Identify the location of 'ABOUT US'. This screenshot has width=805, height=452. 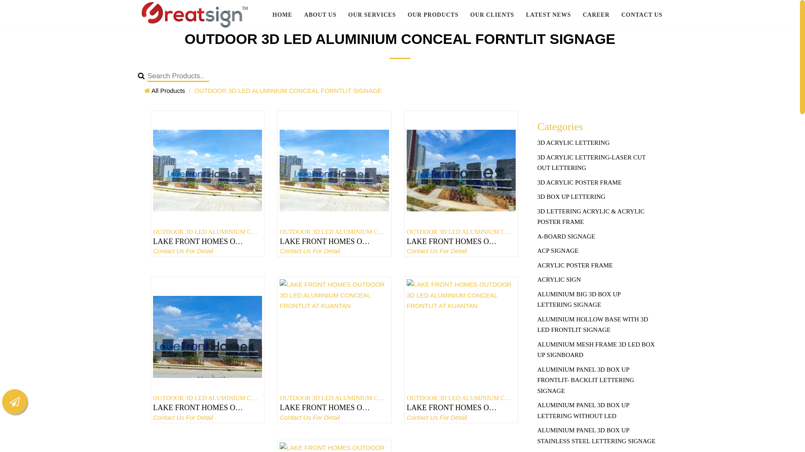
(298, 15).